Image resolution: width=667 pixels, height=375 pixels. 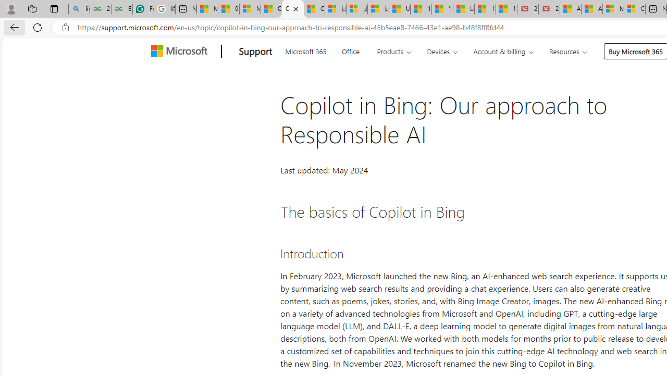 What do you see at coordinates (634, 9) in the screenshot?
I see `'Cloud Computing Services | Microsoft Azure'` at bounding box center [634, 9].